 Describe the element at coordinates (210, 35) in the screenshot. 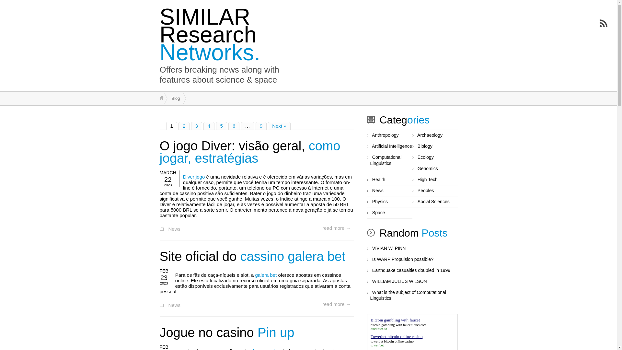

I see `'SIMILAR Research Networks.'` at that location.